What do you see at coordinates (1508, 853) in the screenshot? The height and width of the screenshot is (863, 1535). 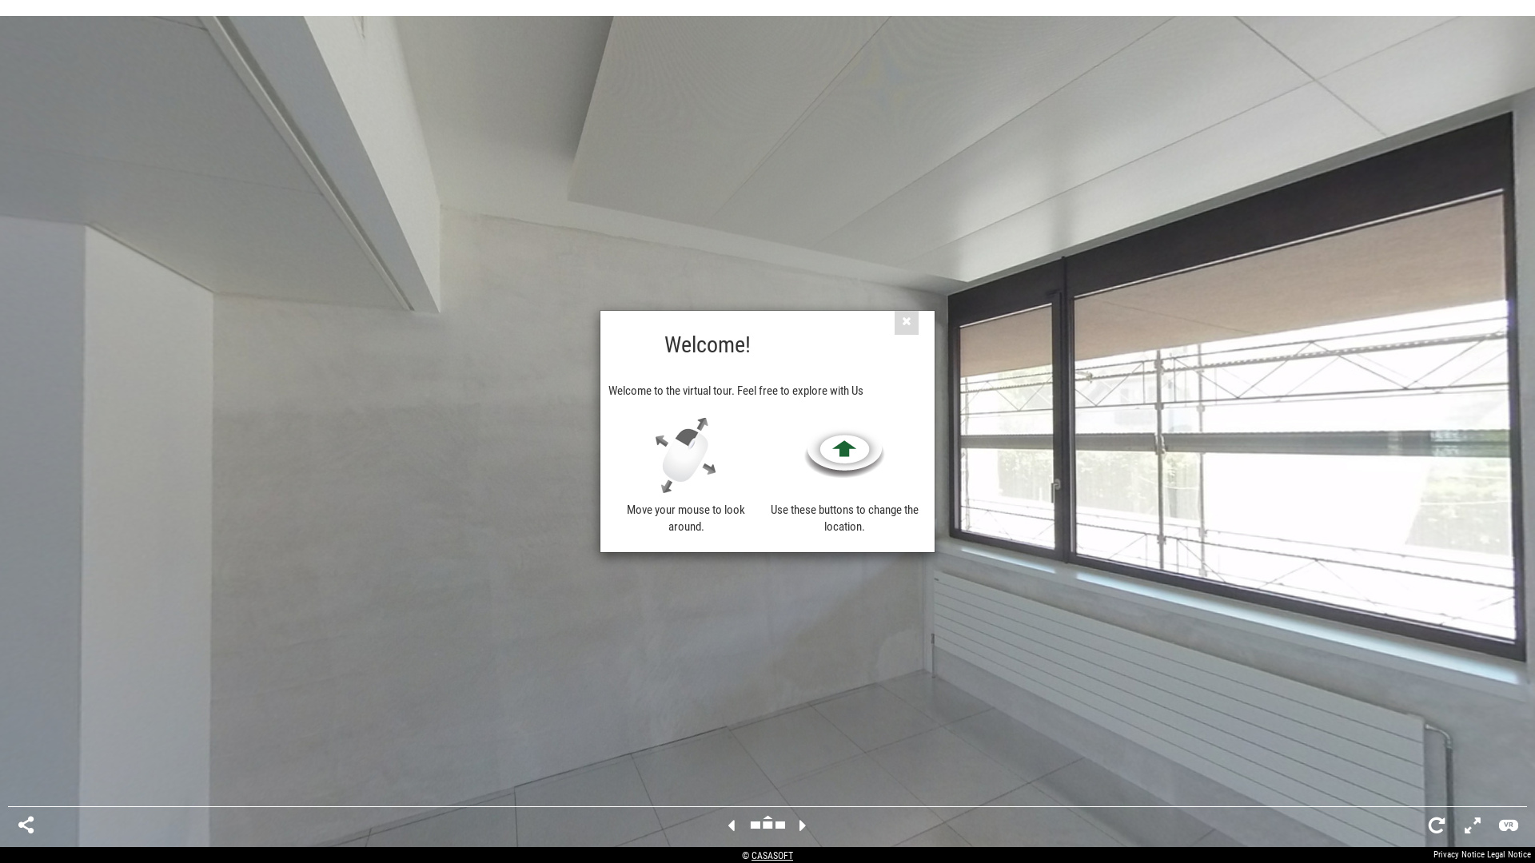 I see `'Legal Notice'` at bounding box center [1508, 853].